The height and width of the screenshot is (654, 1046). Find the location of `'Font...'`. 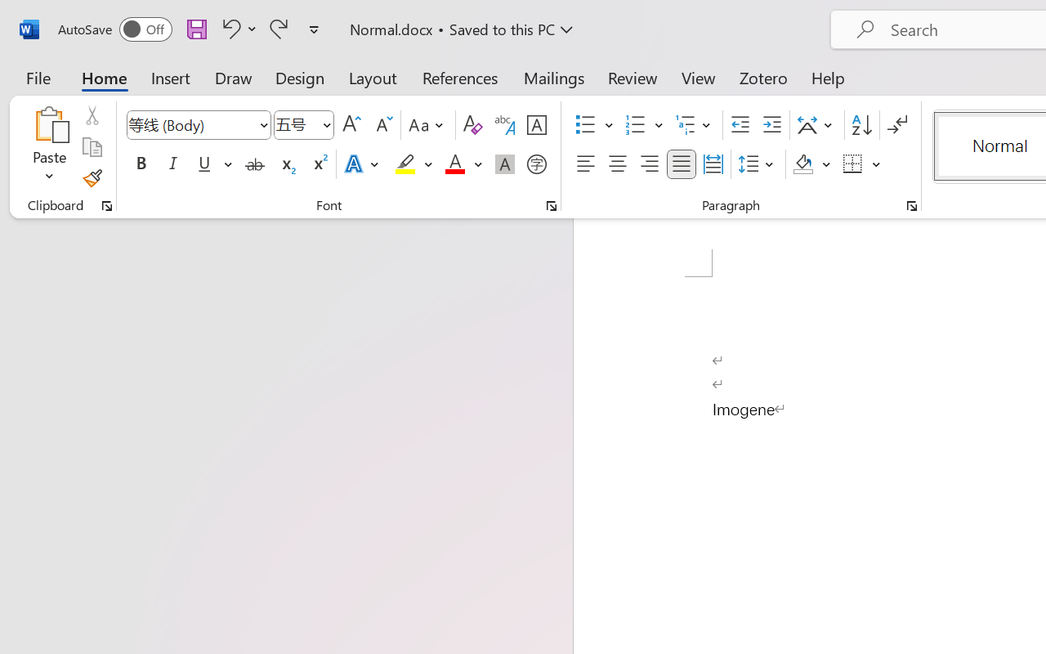

'Font...' is located at coordinates (552, 205).